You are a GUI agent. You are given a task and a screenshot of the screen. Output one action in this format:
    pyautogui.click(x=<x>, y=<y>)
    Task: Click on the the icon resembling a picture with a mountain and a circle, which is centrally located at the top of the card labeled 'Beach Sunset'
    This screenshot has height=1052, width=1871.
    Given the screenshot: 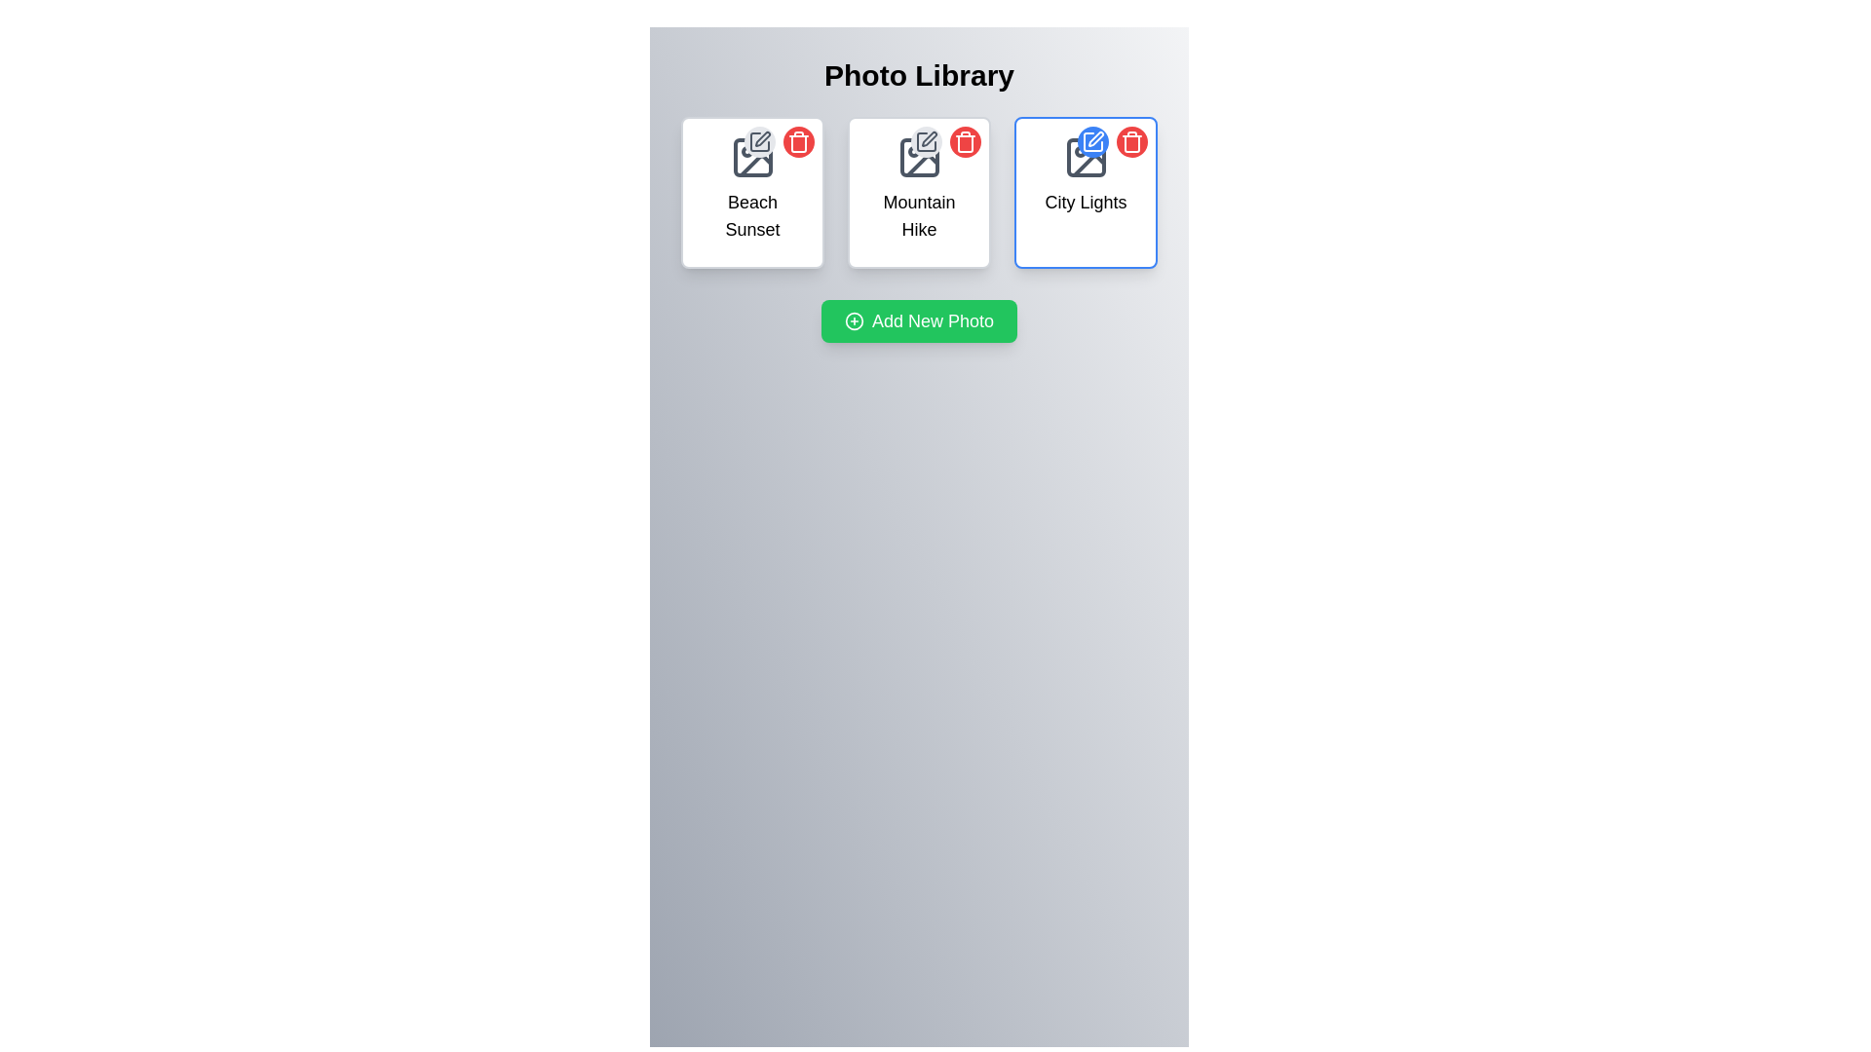 What is the action you would take?
    pyautogui.click(x=751, y=157)
    